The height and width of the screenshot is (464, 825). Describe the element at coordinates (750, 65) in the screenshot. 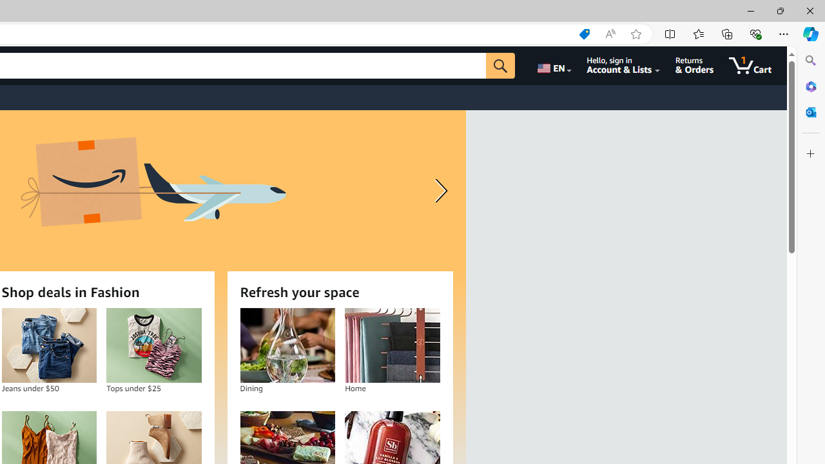

I see `'1 item in cart'` at that location.